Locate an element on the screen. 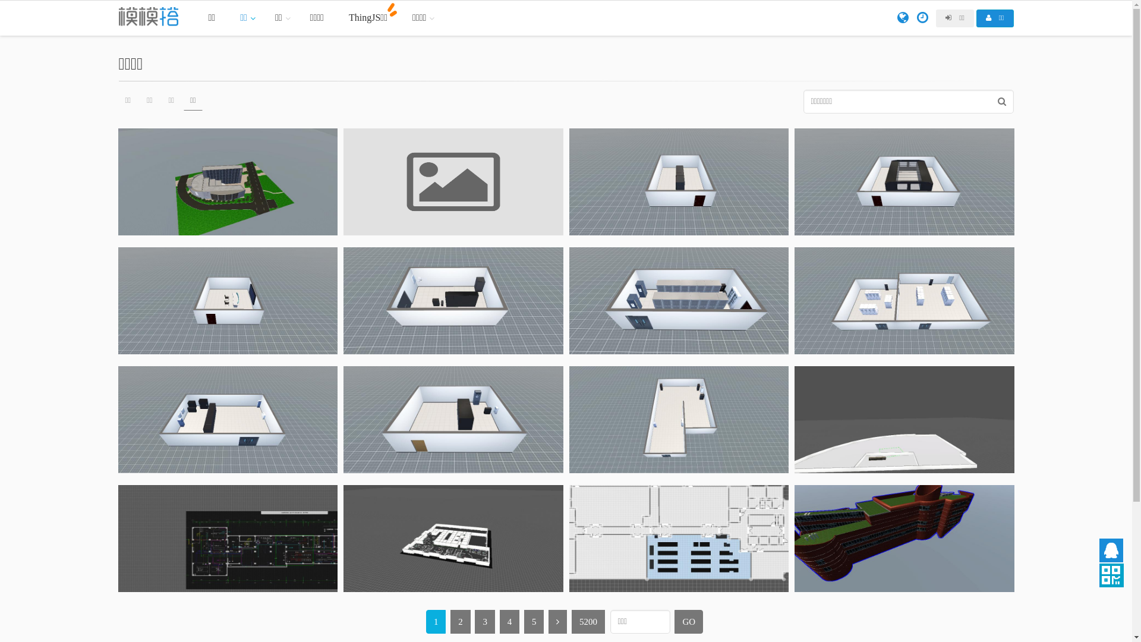 This screenshot has width=1141, height=642. '2' is located at coordinates (450, 621).